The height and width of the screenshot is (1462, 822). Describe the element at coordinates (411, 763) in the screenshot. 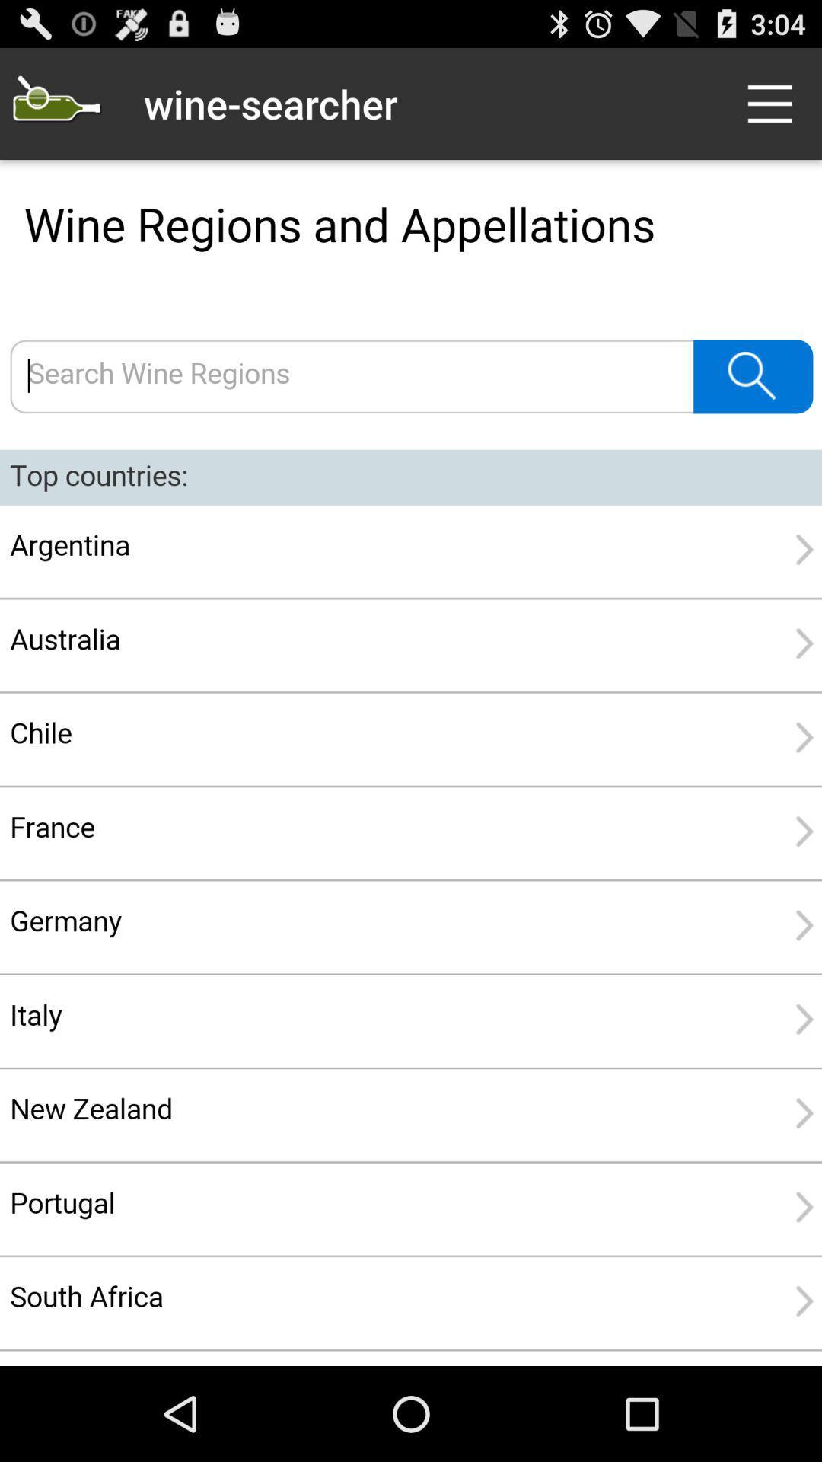

I see `search for wine` at that location.